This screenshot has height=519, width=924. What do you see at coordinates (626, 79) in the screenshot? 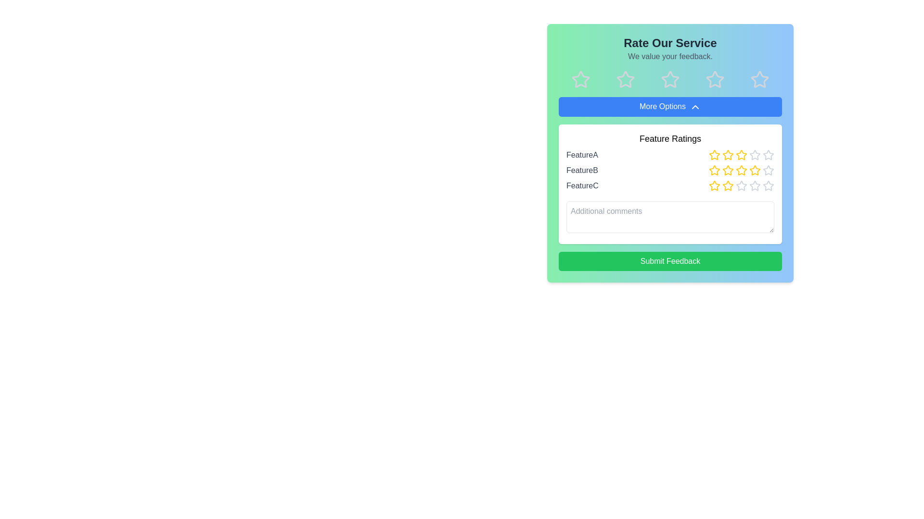
I see `the second star-shaped rating icon with a gray outline and transparent fill, located near the top of the feedback form under the title 'Rate Our Service'` at bounding box center [626, 79].